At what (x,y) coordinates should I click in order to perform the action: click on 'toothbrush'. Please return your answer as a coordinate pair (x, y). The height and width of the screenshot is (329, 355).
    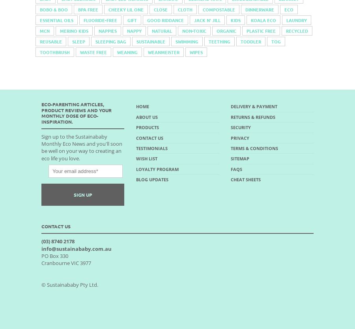
    Looking at the image, I should click on (54, 52).